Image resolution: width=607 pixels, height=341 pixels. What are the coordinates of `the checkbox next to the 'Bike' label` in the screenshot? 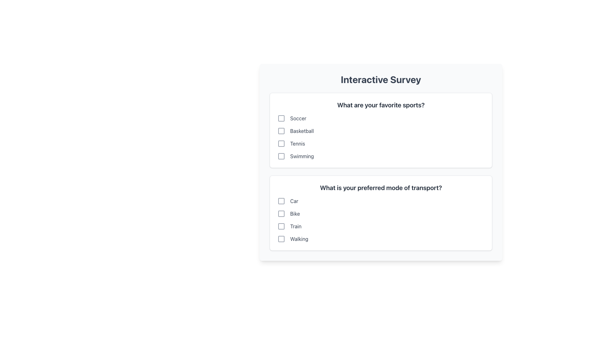 It's located at (281, 213).